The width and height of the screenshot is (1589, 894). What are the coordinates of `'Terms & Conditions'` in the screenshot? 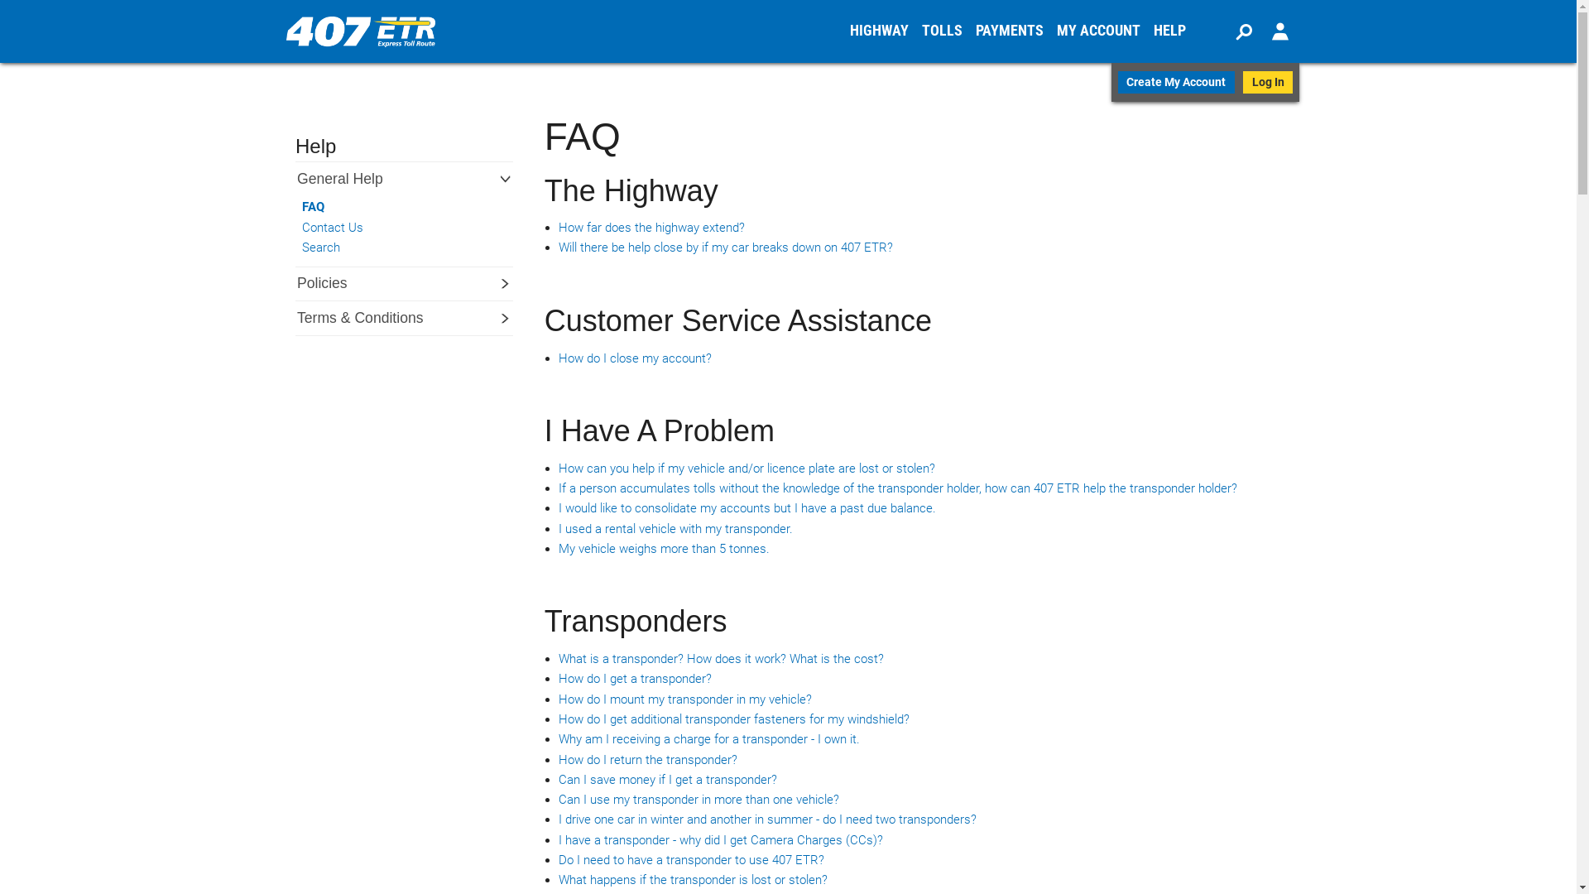 It's located at (368, 318).